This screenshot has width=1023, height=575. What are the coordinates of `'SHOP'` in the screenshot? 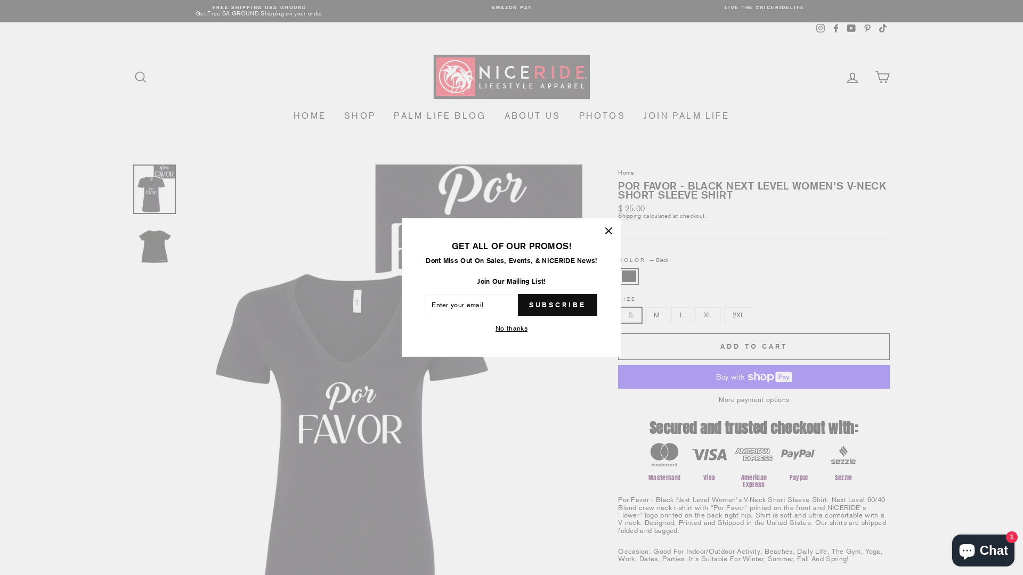 It's located at (360, 116).